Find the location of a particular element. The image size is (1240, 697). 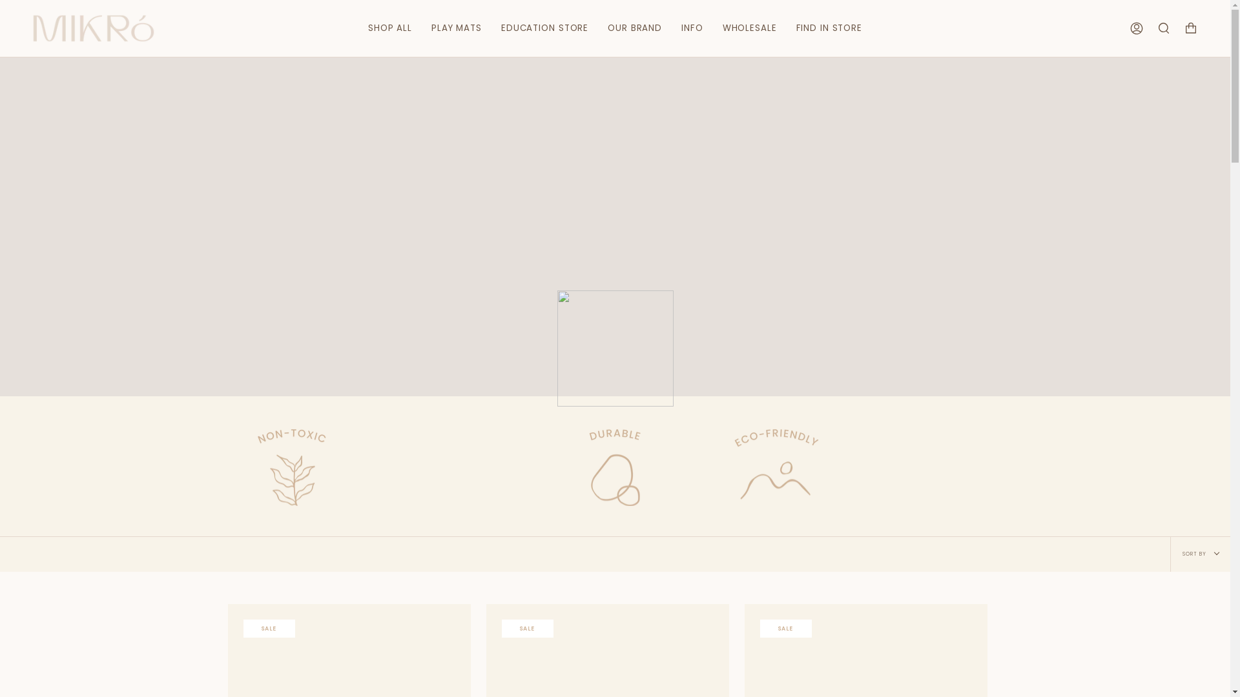

'FIND IN STORE' is located at coordinates (829, 28).